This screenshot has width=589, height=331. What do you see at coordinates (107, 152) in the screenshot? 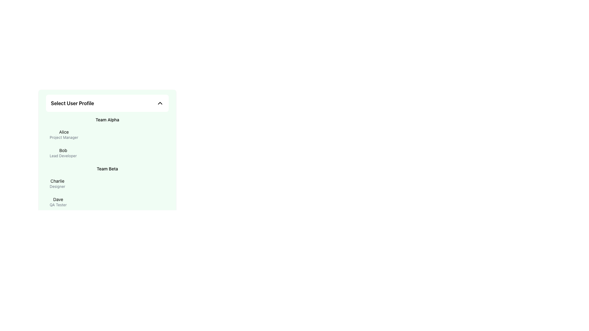
I see `the selectable item in the list that displays the name 'Bob' in bold and the designation 'Lead Developer' in gray` at bounding box center [107, 152].